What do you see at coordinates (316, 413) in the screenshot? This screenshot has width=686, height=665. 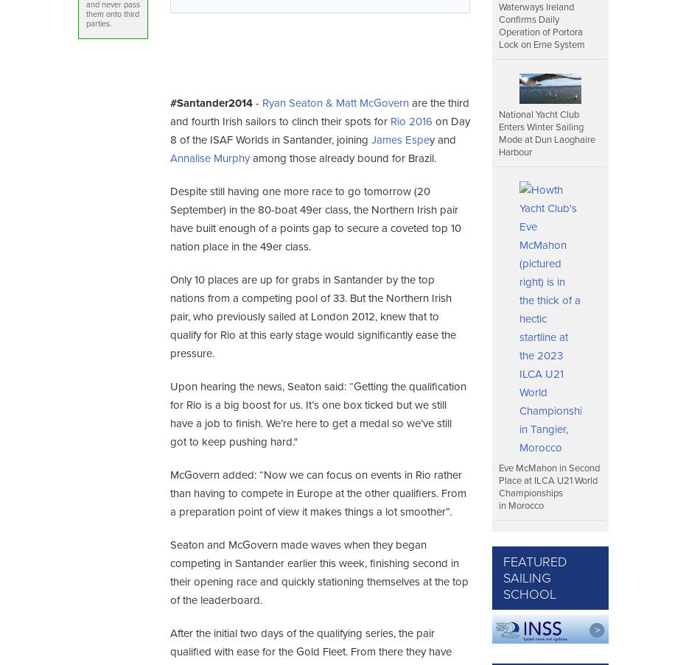 I see `'Upon hearing the news, Seaton said: “Getting the qualification for Rio is a big boost for us. It’s one box ticked but we still have a job to finish. We’re here to get a medal so we’ve still got to keep pushing hard."'` at bounding box center [316, 413].